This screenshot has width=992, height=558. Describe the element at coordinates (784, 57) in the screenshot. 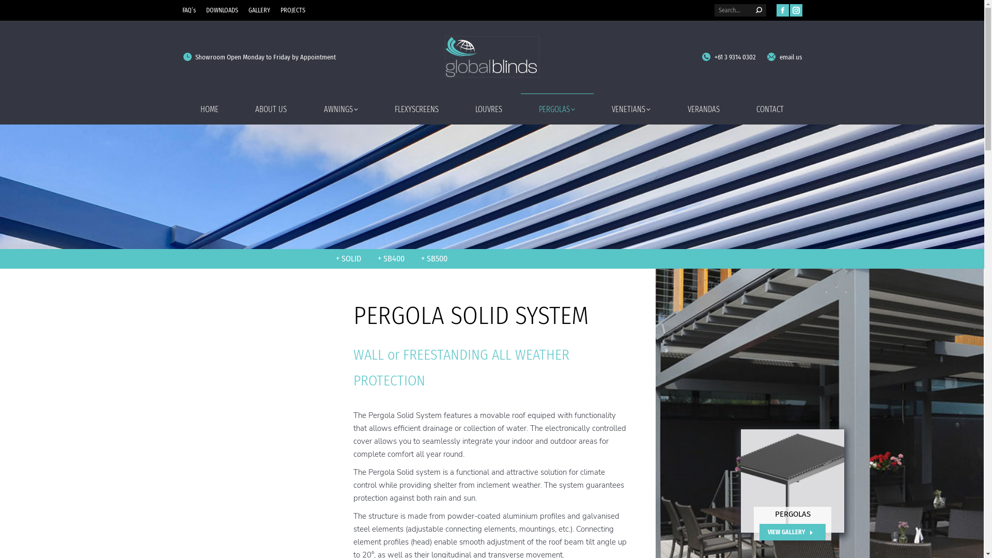

I see `'email us'` at that location.